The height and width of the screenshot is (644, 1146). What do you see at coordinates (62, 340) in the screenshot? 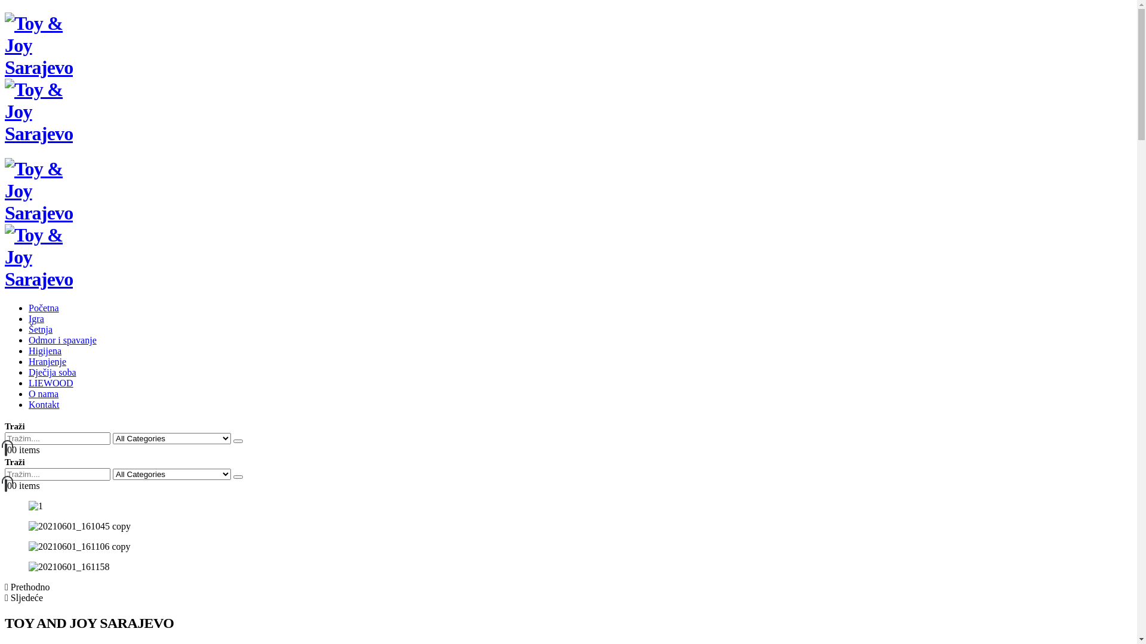
I see `'Odmor i spavanje'` at bounding box center [62, 340].